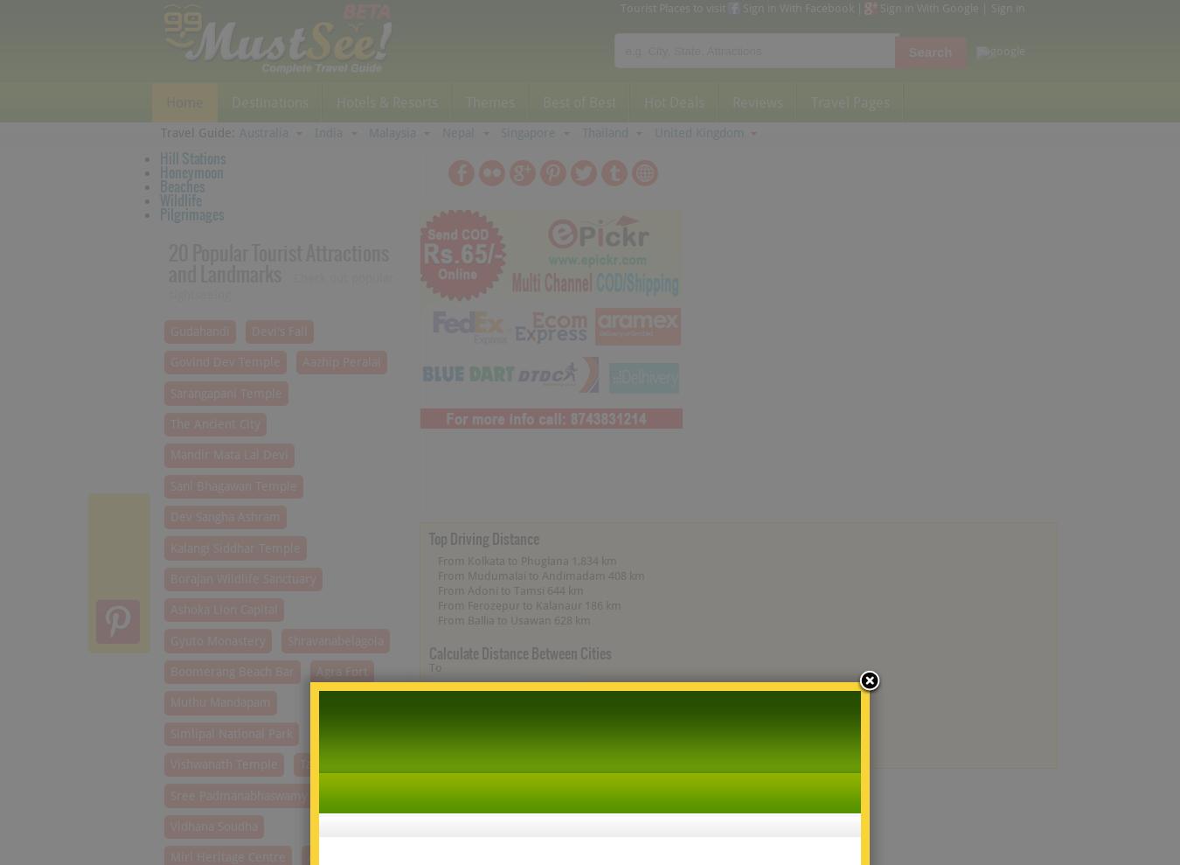 This screenshot has height=865, width=1180. I want to click on 'Vishwanath Temple', so click(222, 764).